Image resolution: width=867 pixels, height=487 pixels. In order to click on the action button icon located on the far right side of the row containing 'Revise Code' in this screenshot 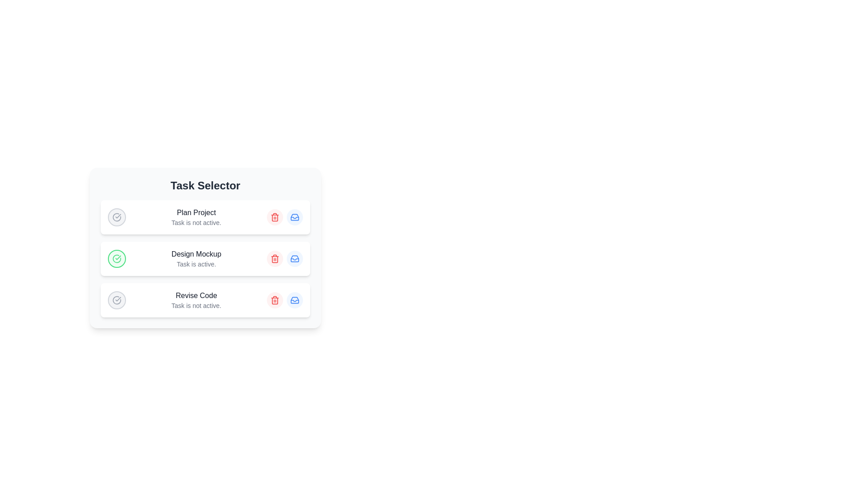, I will do `click(294, 300)`.